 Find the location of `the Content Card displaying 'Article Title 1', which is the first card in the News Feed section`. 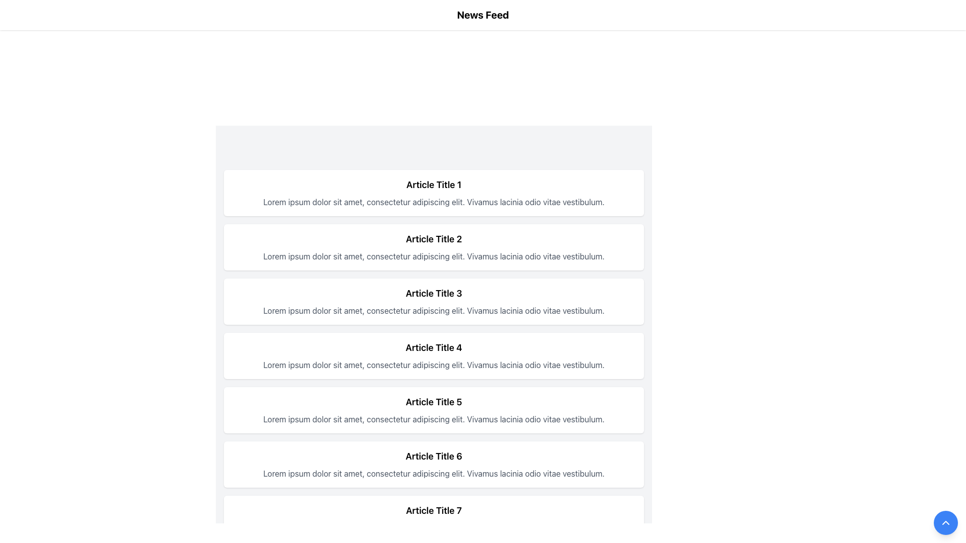

the Content Card displaying 'Article Title 1', which is the first card in the News Feed section is located at coordinates (434, 193).